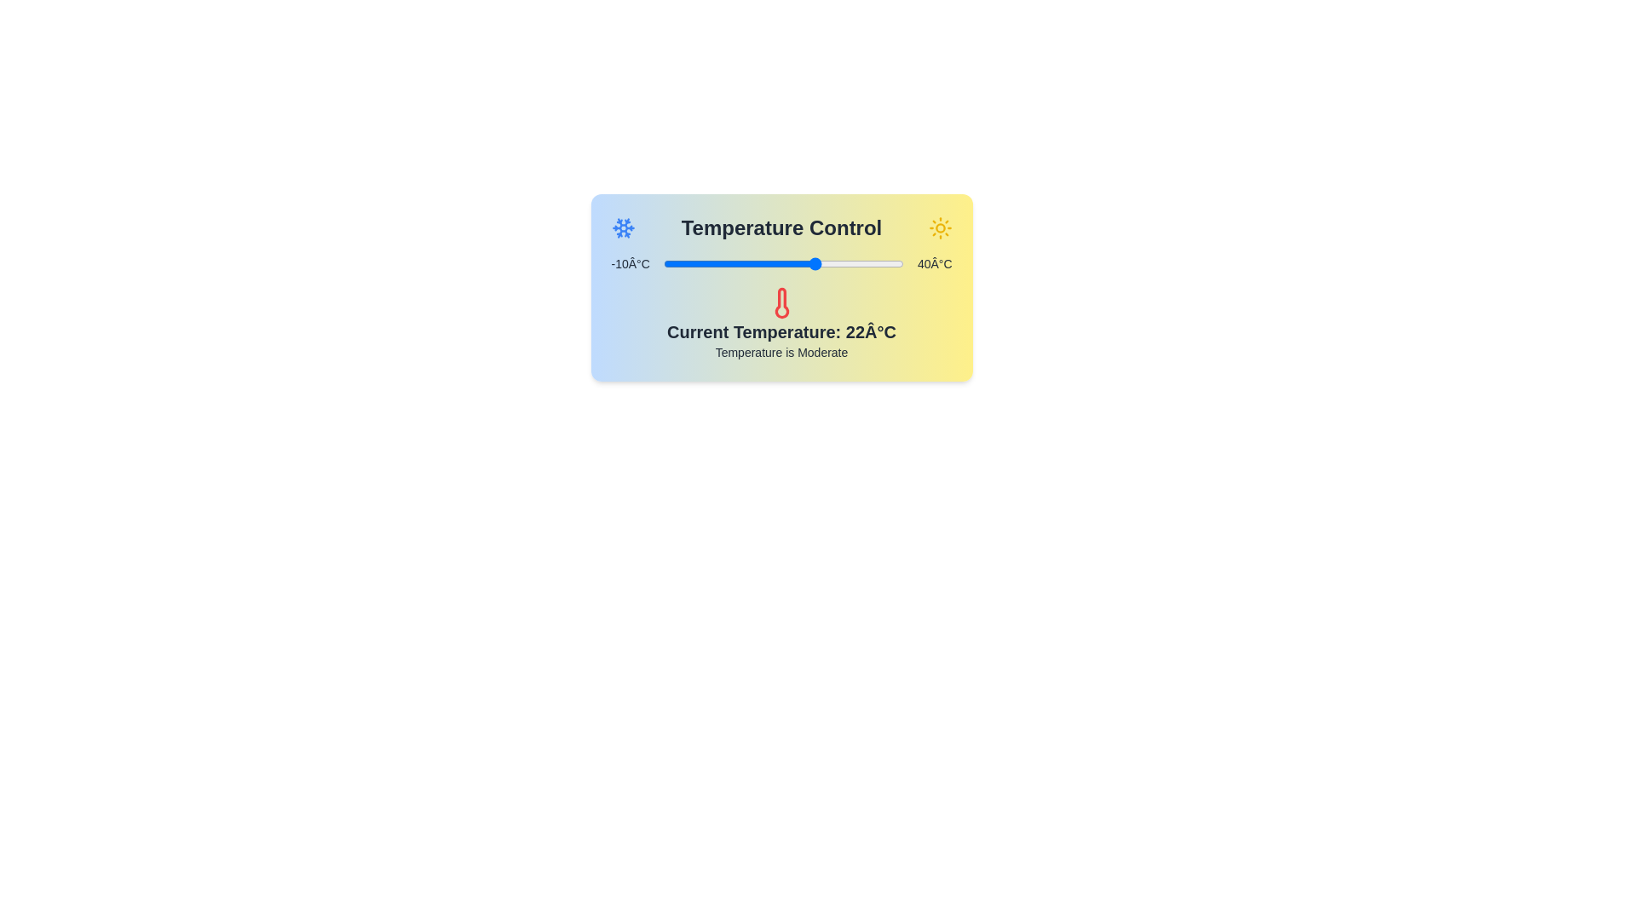 This screenshot has width=1636, height=920. Describe the element at coordinates (677, 263) in the screenshot. I see `the slider to set the temperature to -7°C` at that location.